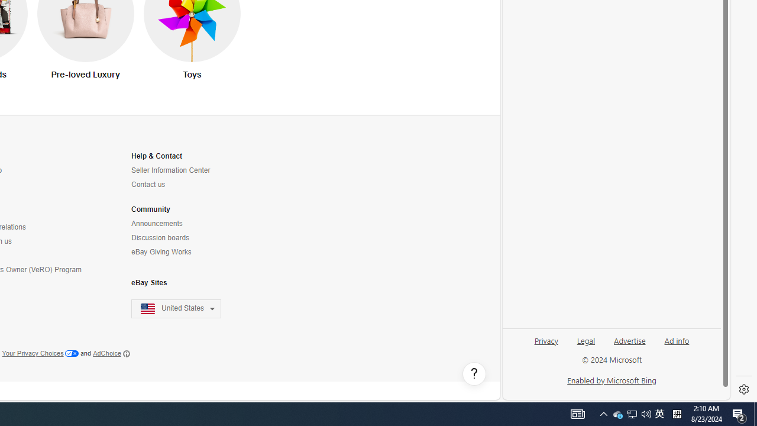 The height and width of the screenshot is (426, 757). Describe the element at coordinates (183, 251) in the screenshot. I see `'eBay Giving Works'` at that location.